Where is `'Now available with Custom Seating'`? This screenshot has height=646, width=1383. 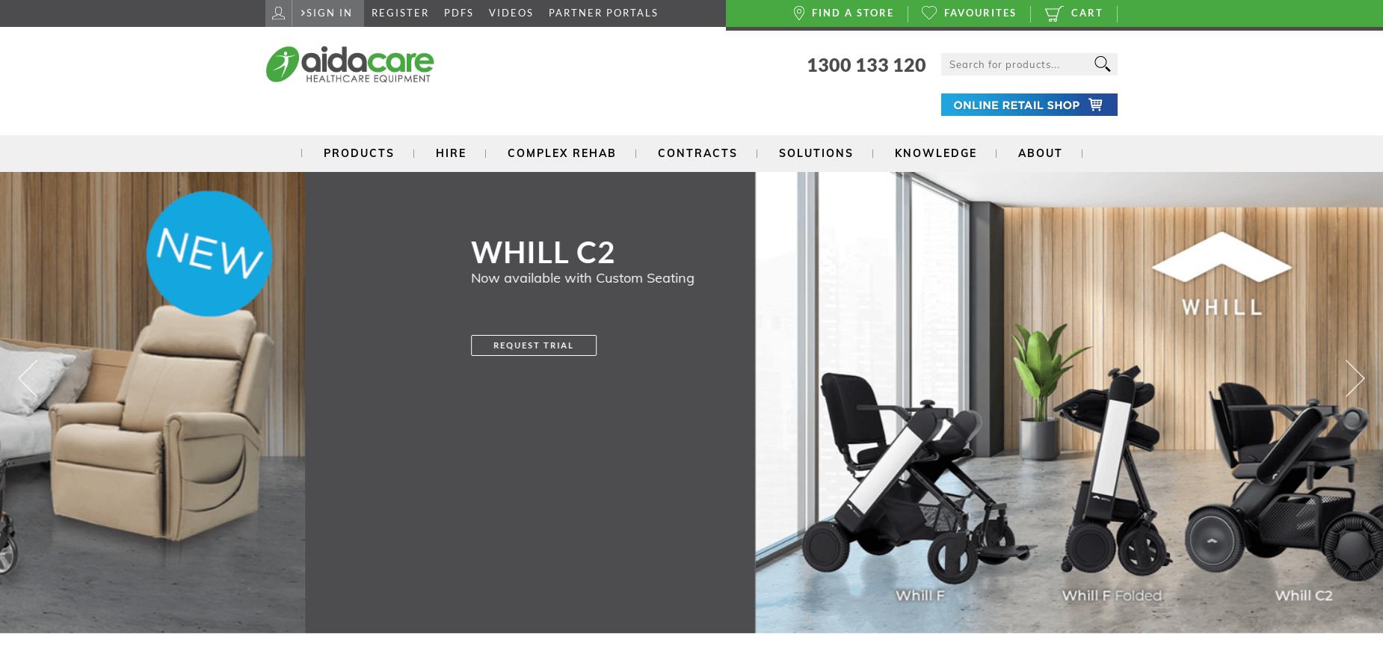 'Now available with Custom Seating' is located at coordinates (277, 276).